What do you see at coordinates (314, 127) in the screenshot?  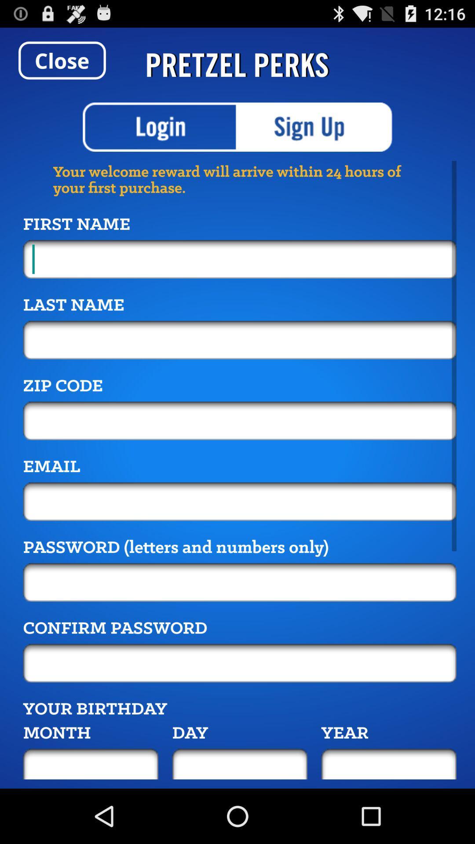 I see `enroll` at bounding box center [314, 127].